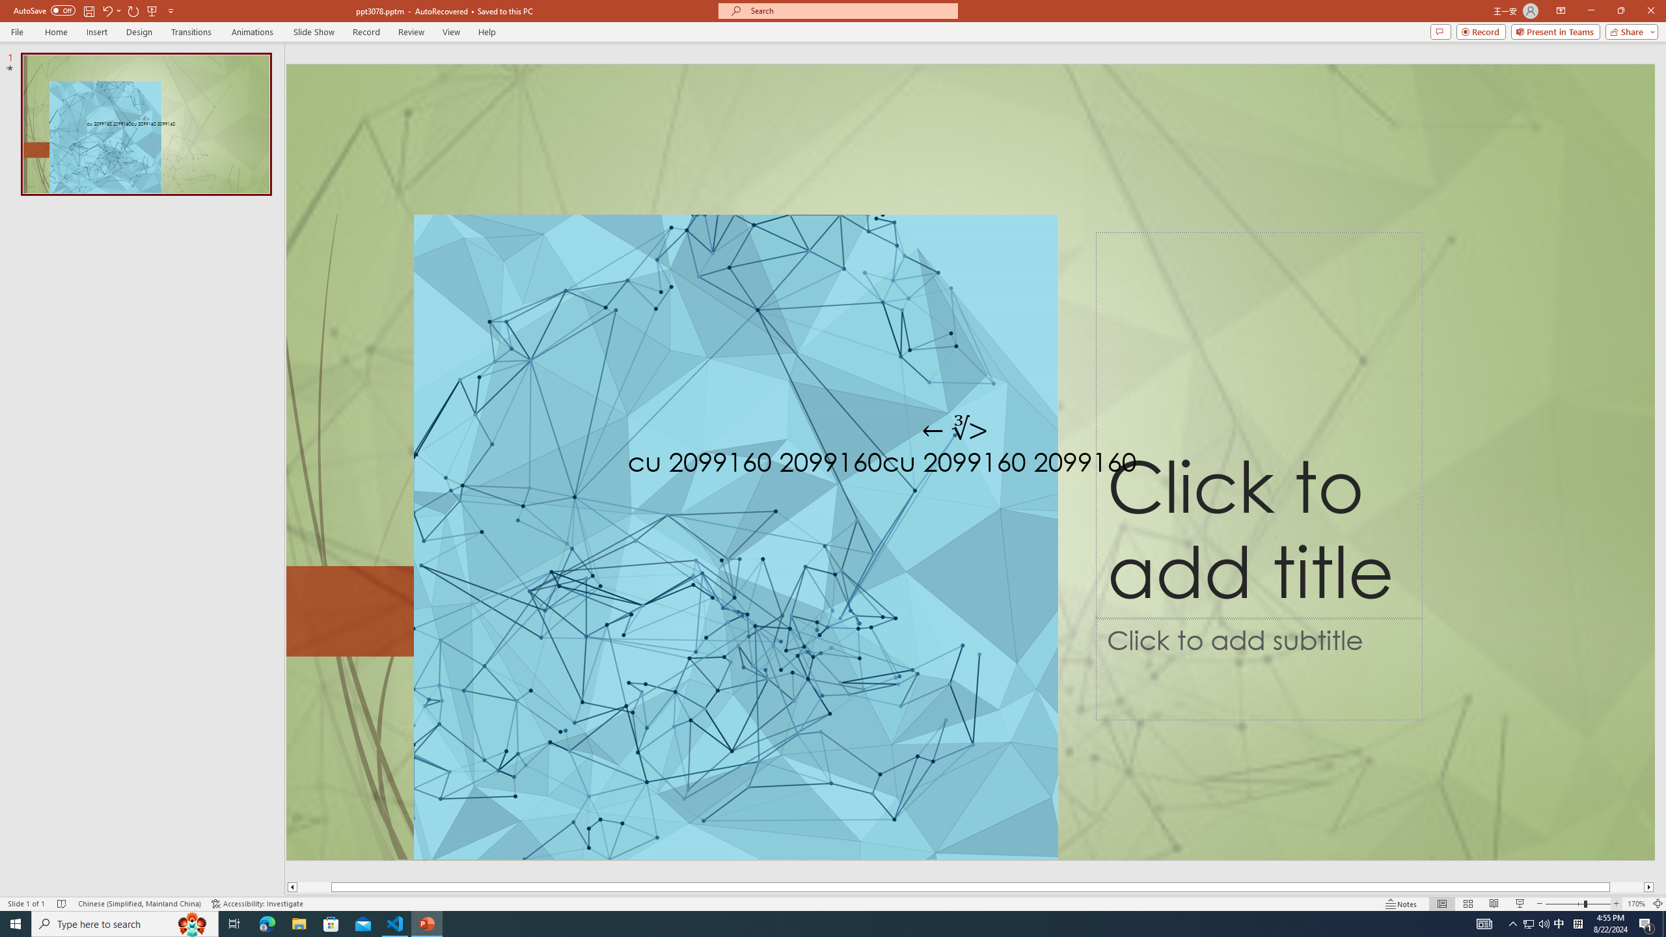  What do you see at coordinates (1401, 904) in the screenshot?
I see `'Notes '` at bounding box center [1401, 904].